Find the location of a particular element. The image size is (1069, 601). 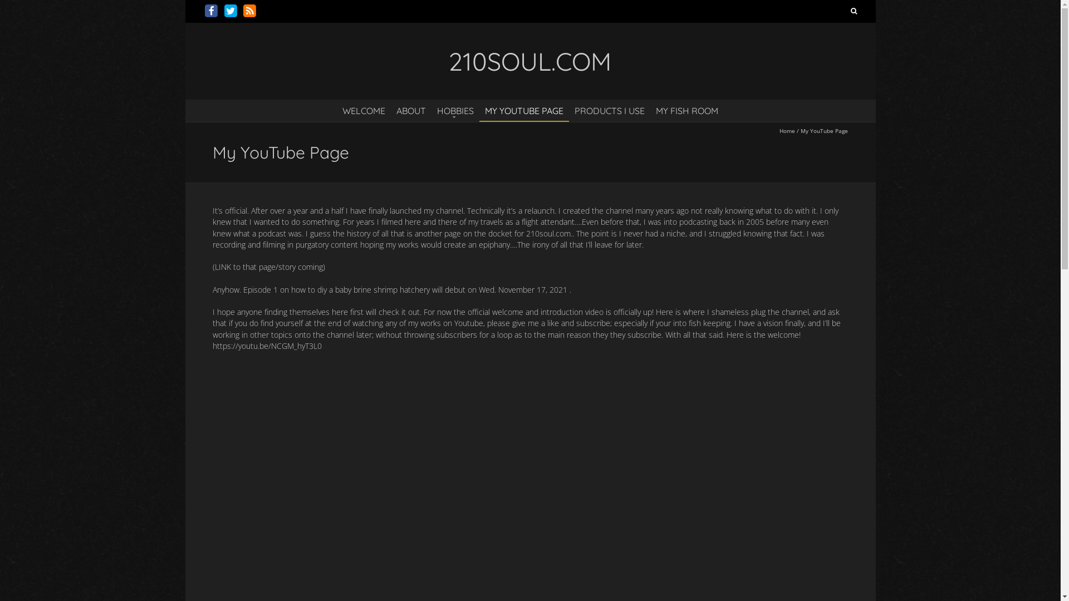

'HOBBIES' is located at coordinates (430, 110).